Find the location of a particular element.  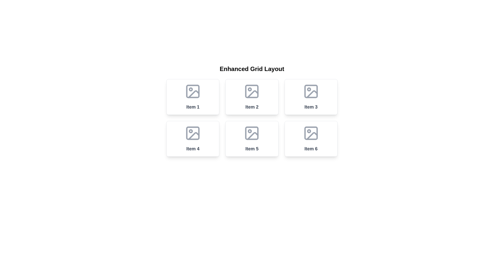

the small circular shape defined by a center point (cx: 9, cy: 9) and a radius of 2 units, located in the sixth item of a two-row grid layout is located at coordinates (309, 131).